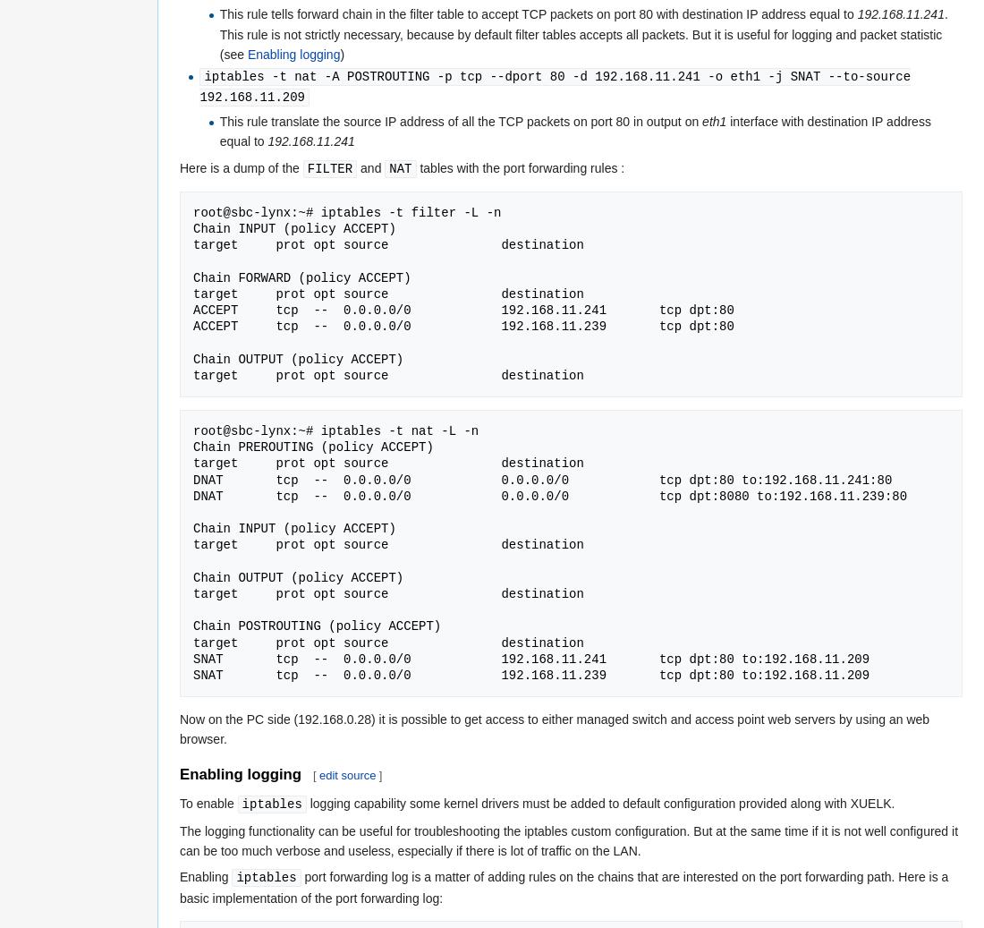 This screenshot has height=928, width=984. I want to click on 'Here is a dump of the', so click(241, 166).